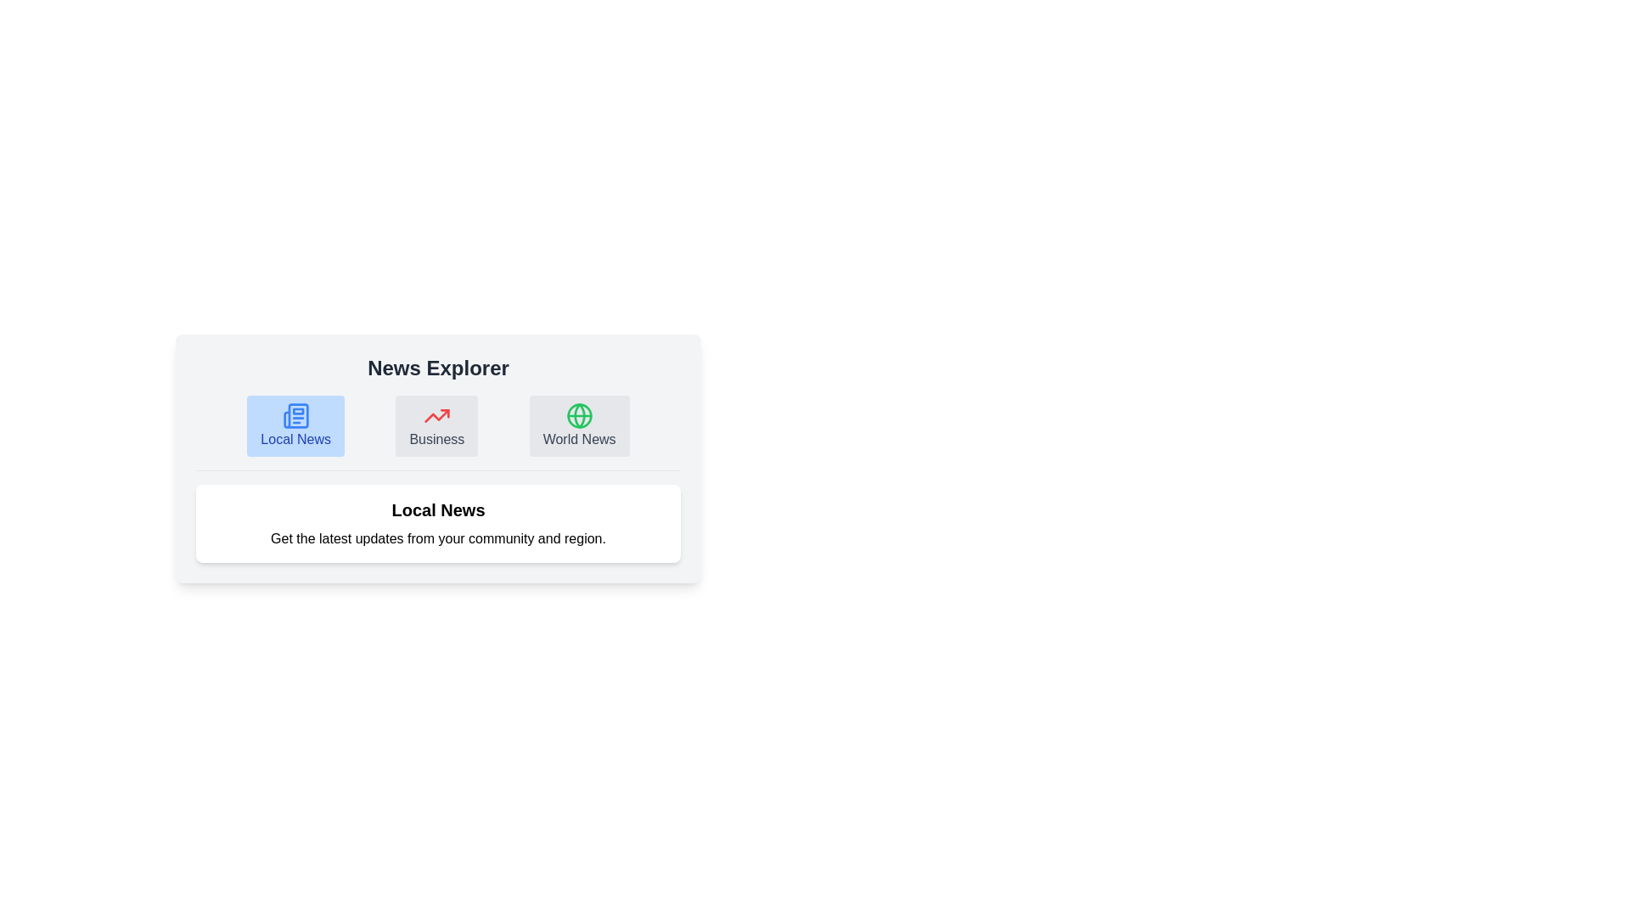  Describe the element at coordinates (579, 425) in the screenshot. I see `the World News tab` at that location.